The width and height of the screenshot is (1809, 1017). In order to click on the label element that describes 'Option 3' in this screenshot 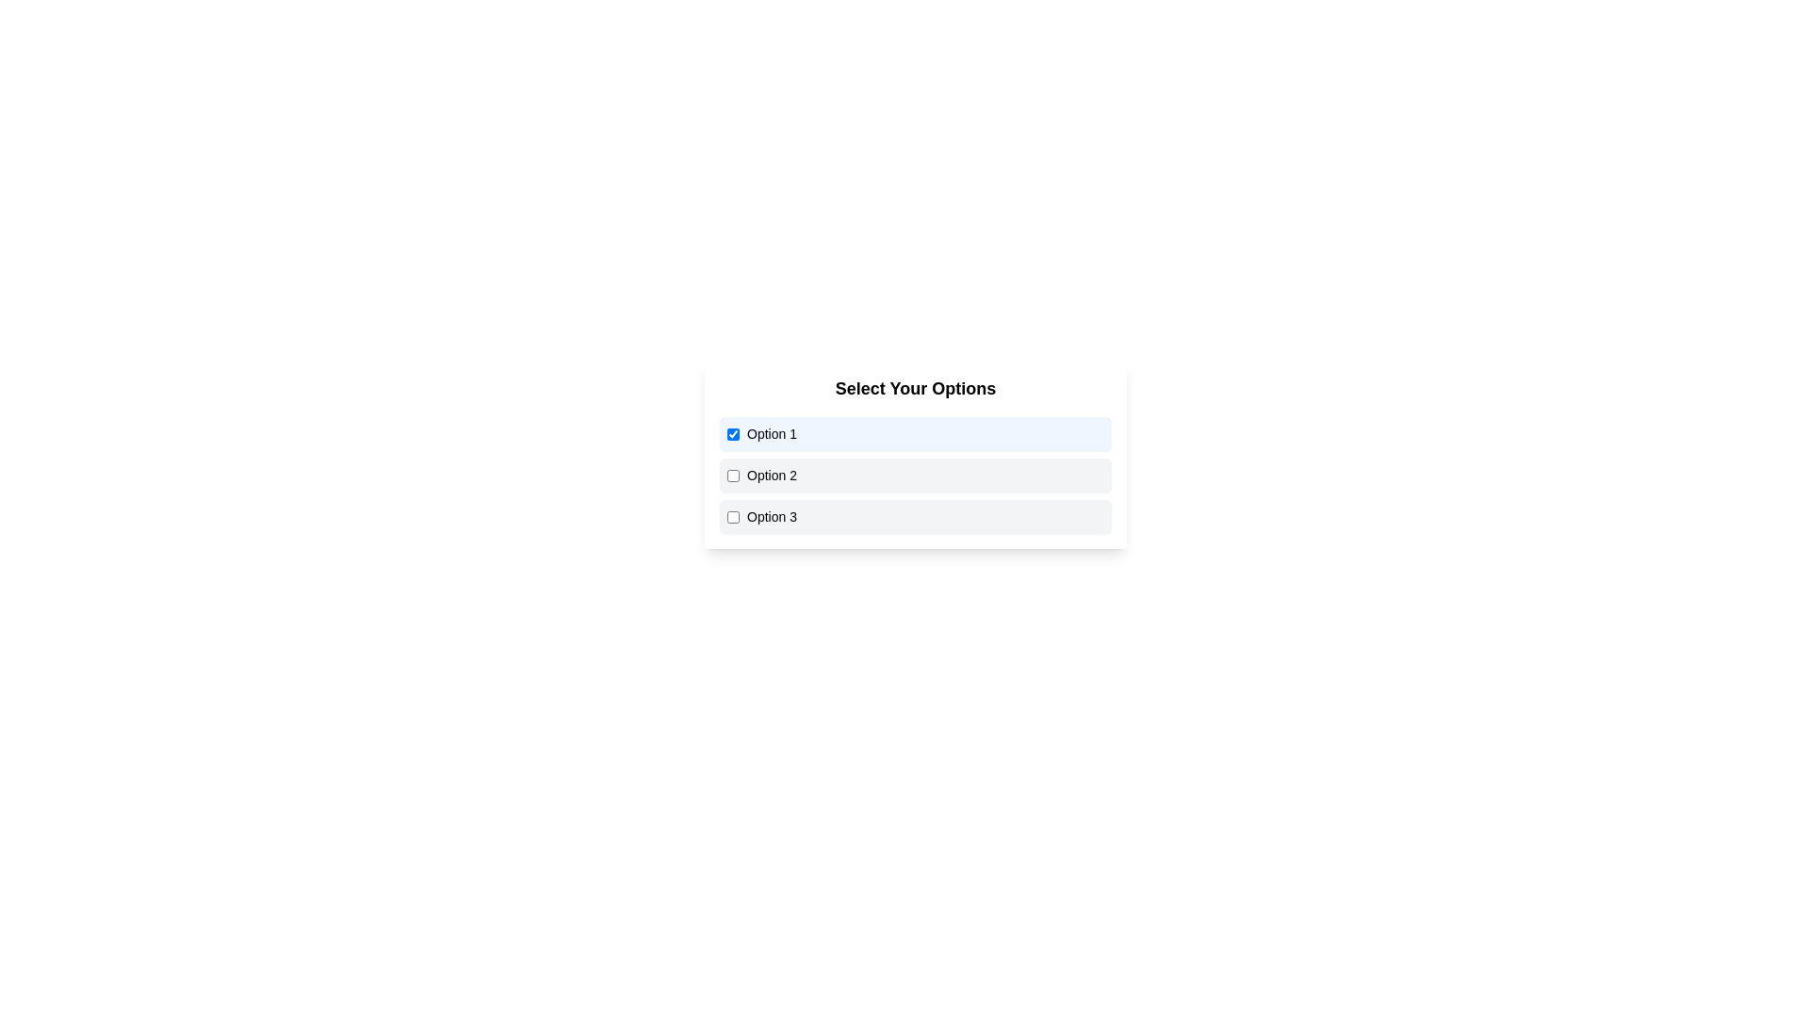, I will do `click(772, 516)`.